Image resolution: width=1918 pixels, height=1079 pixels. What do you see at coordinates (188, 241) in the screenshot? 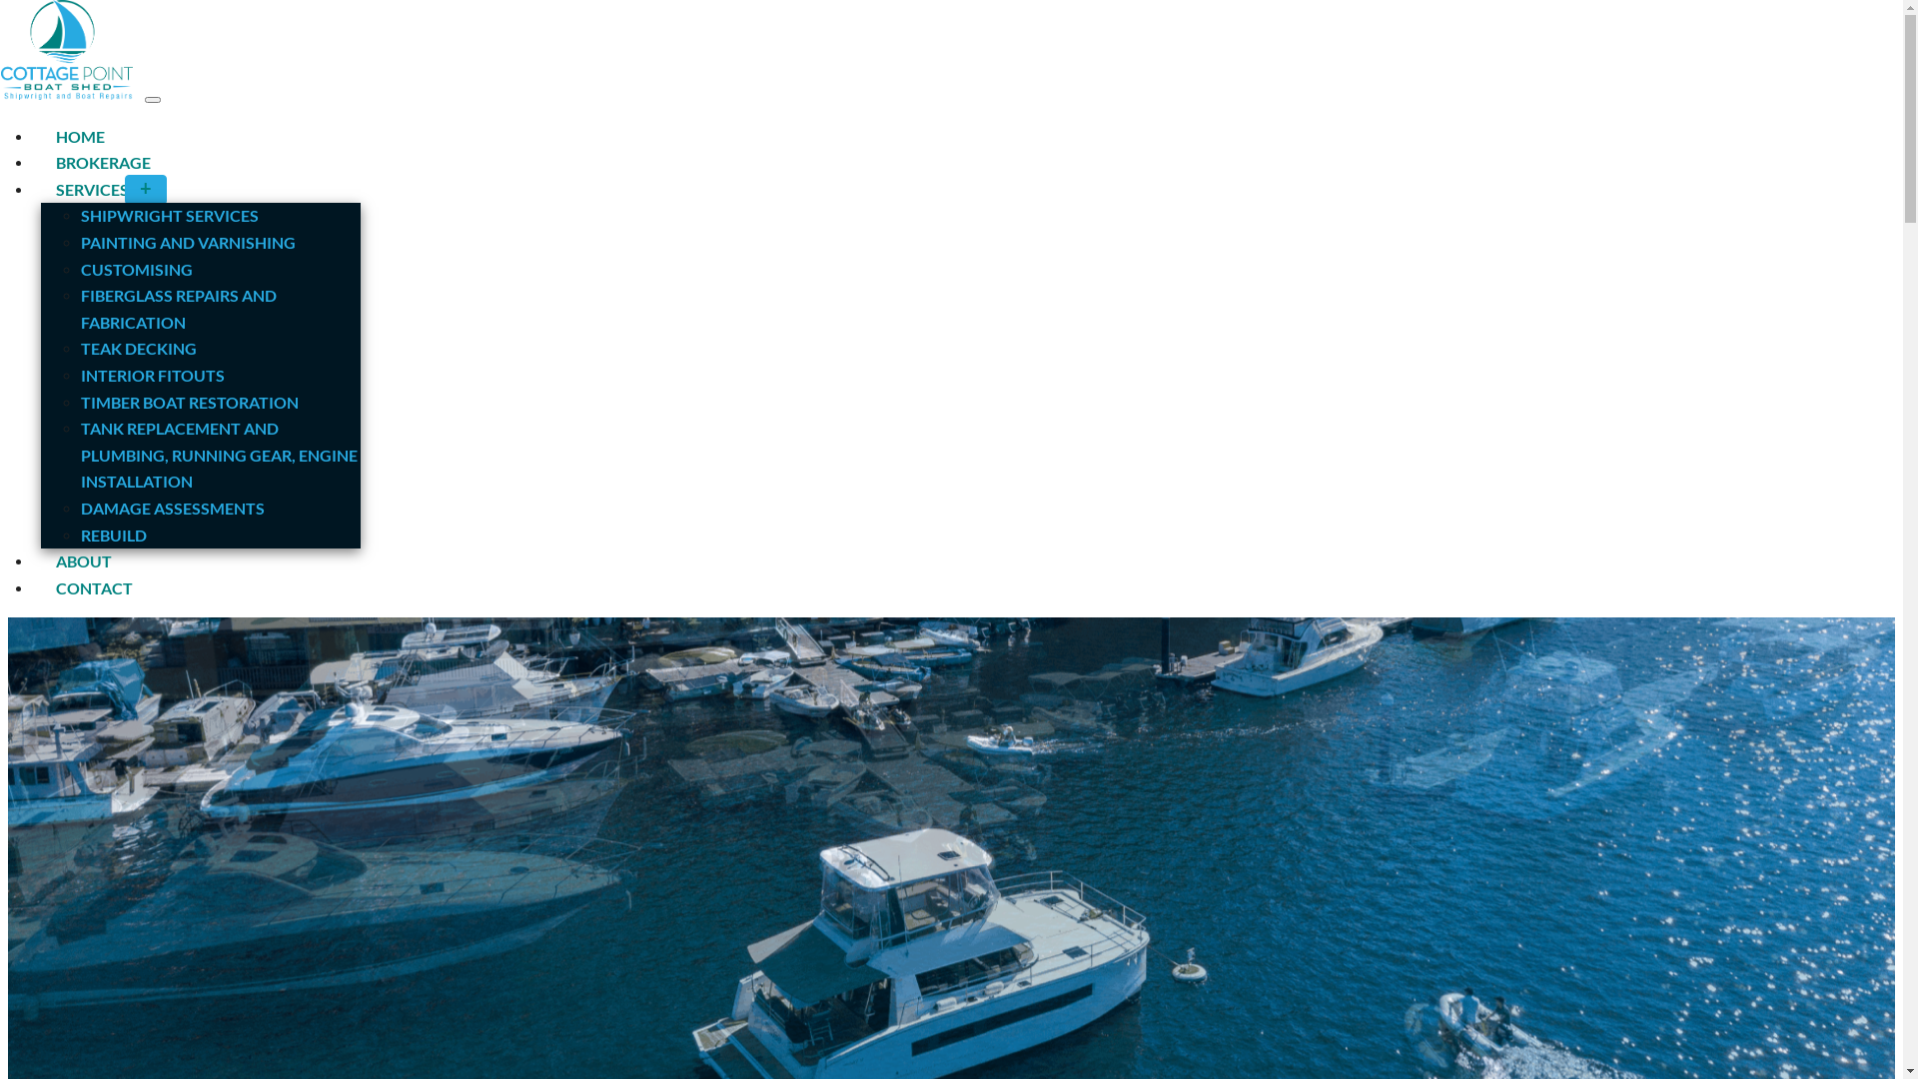
I see `'PAINTING AND VARNISHING'` at bounding box center [188, 241].